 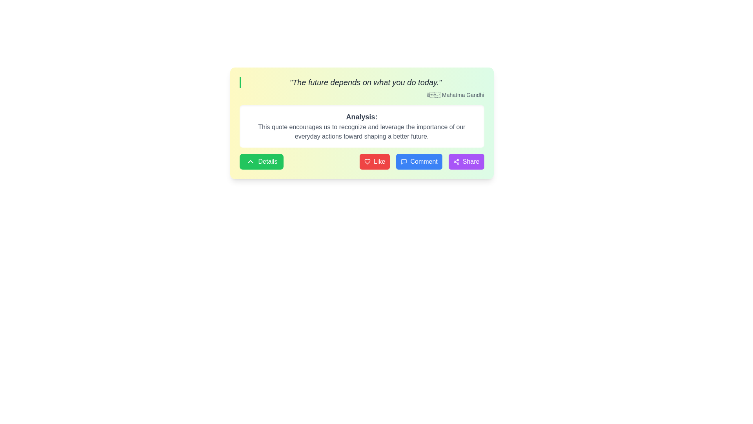 I want to click on the speech bubble icon representing comments, located to the left of the 'Comment' label in the interactive bar beneath the quote and analysis section, so click(x=404, y=161).